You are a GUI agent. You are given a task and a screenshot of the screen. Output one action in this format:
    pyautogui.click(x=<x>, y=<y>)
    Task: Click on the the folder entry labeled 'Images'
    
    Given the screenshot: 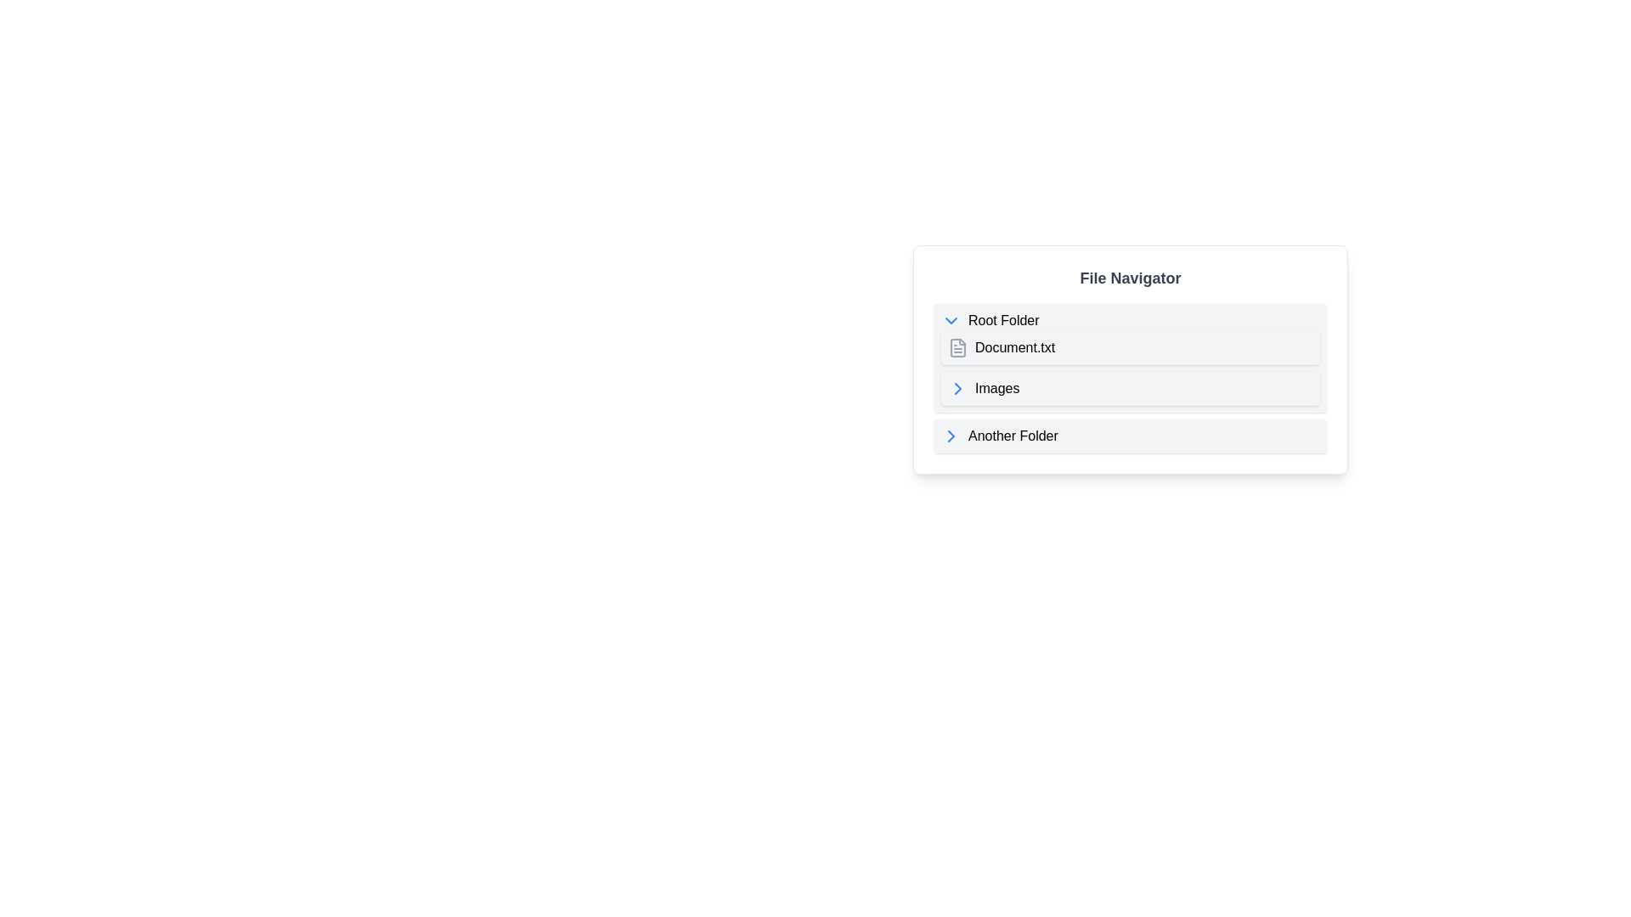 What is the action you would take?
    pyautogui.click(x=1130, y=389)
    